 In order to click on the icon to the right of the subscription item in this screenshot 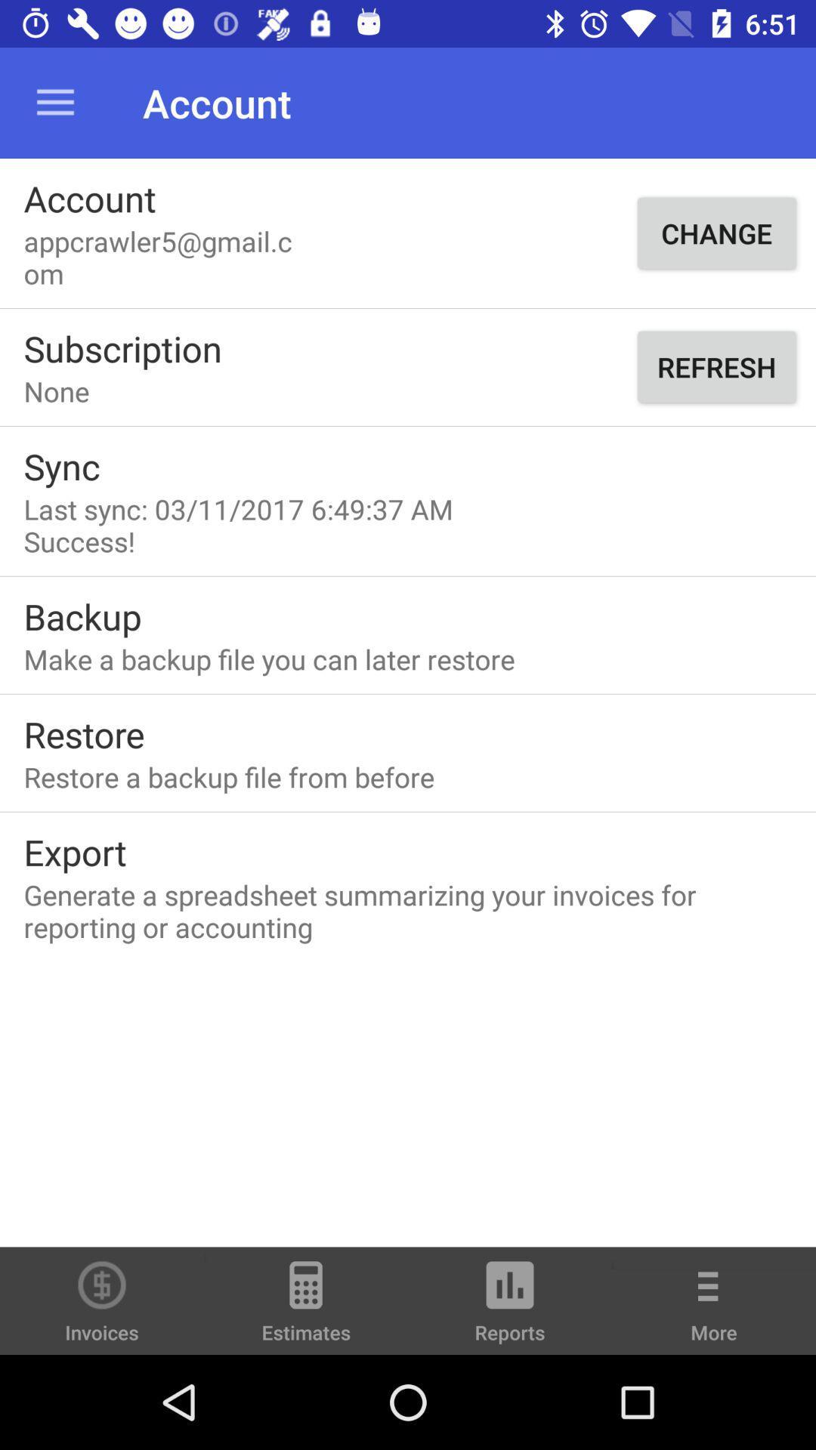, I will do `click(716, 366)`.